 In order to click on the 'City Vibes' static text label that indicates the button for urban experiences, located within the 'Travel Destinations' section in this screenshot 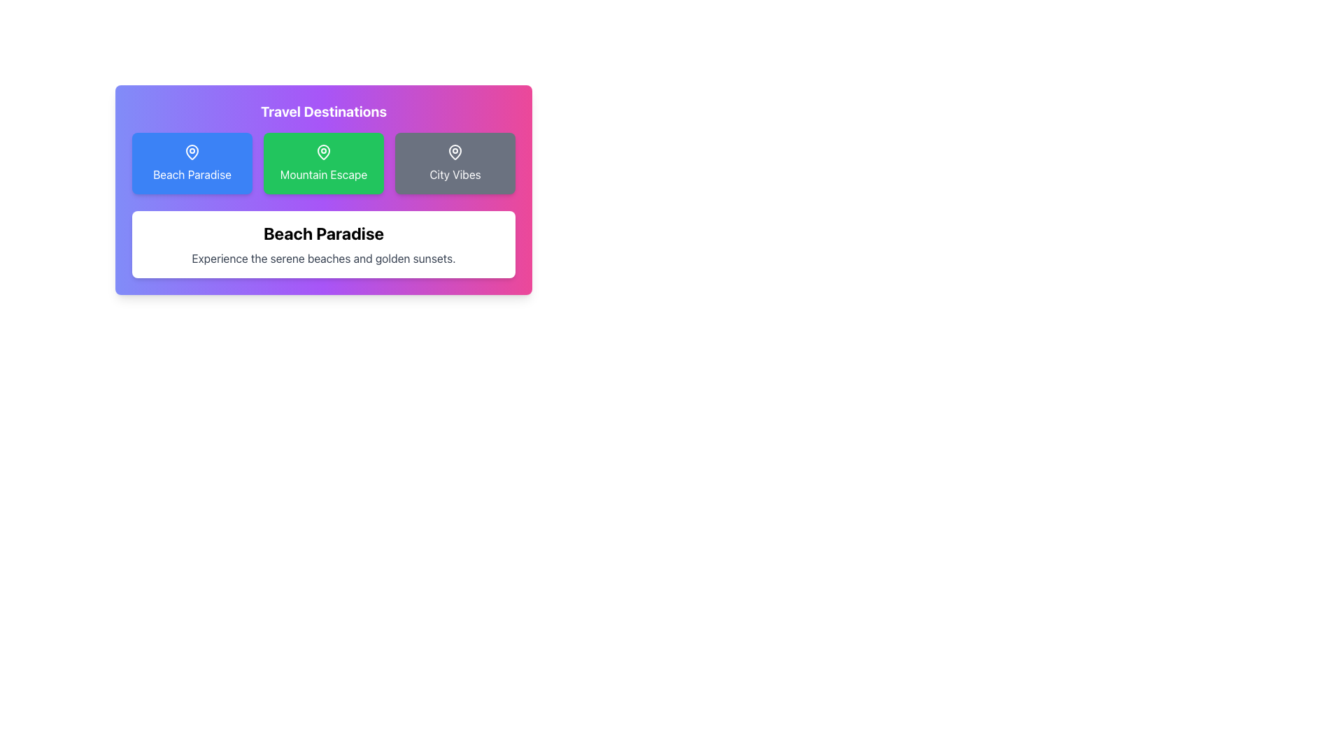, I will do `click(455, 174)`.